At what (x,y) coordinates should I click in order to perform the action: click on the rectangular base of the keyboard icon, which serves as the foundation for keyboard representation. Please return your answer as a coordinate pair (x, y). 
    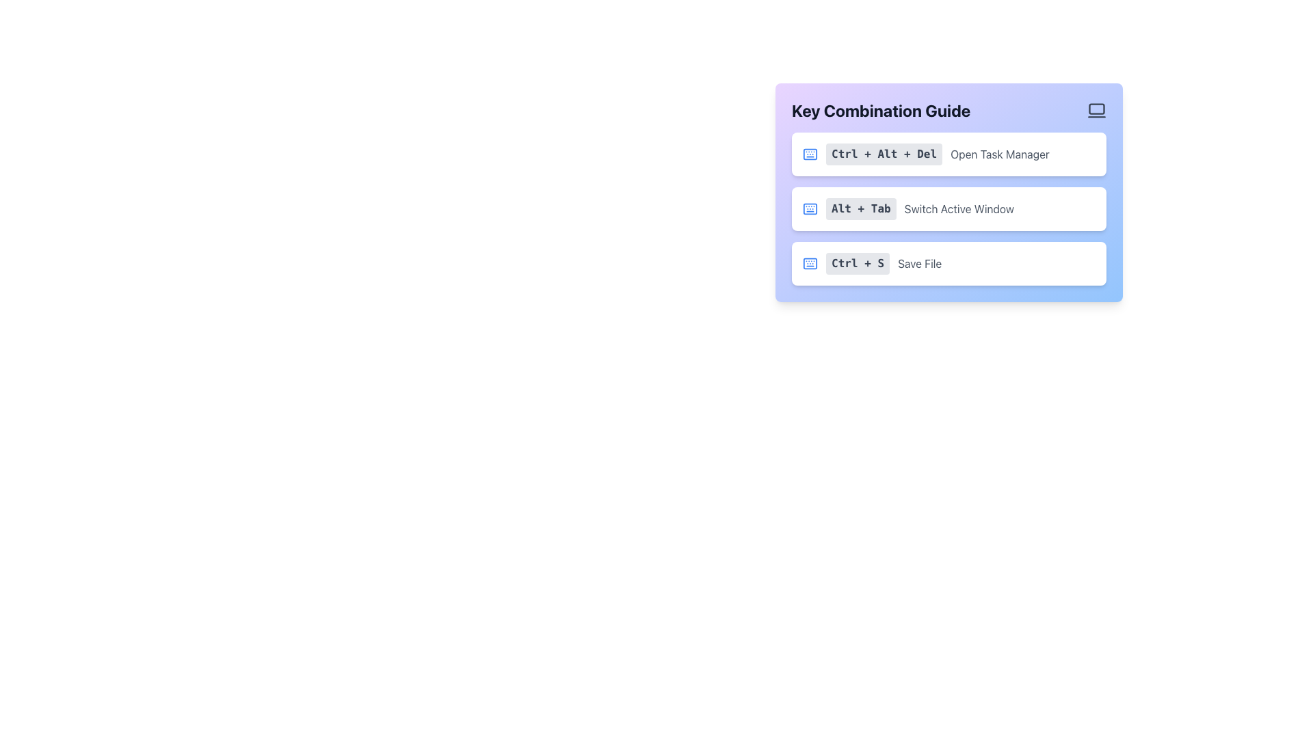
    Looking at the image, I should click on (810, 154).